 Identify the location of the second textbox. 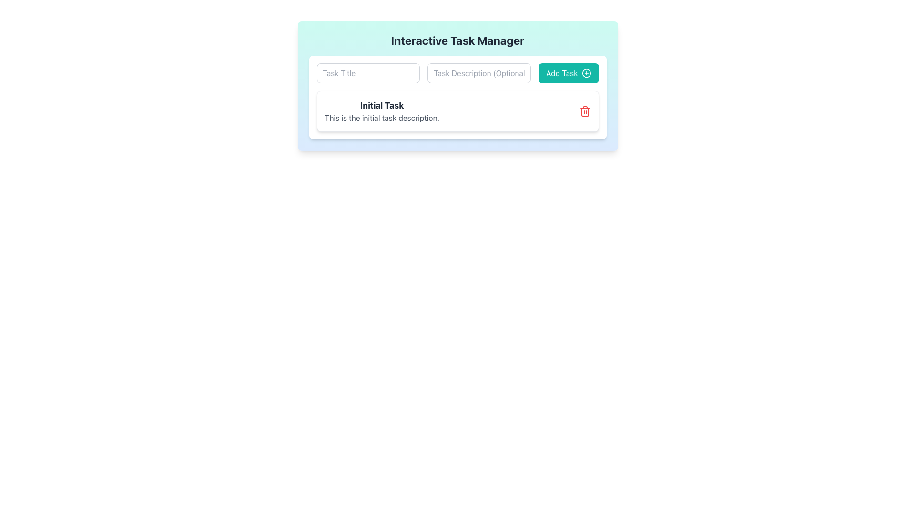
(457, 73).